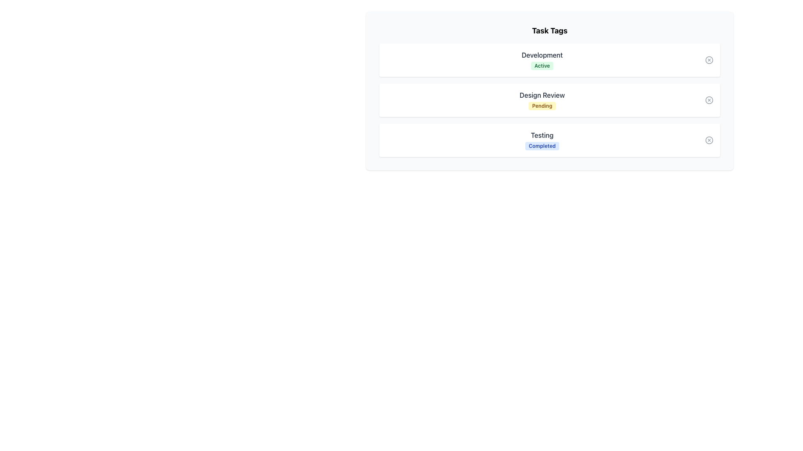 The image size is (803, 451). I want to click on the circular outline of the close button icon adjacent to the 'Testing' task tag, so click(708, 139).